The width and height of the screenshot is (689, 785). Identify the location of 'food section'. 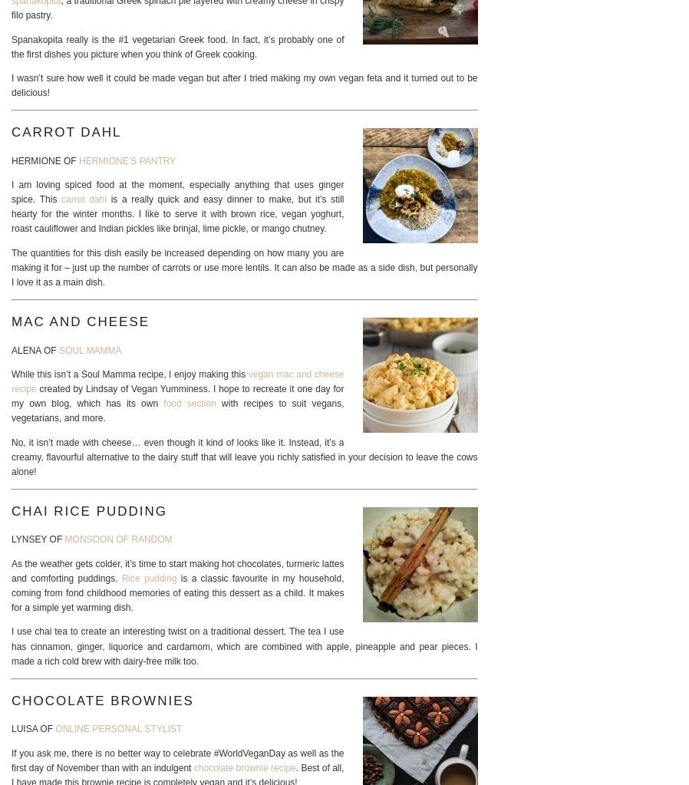
(190, 403).